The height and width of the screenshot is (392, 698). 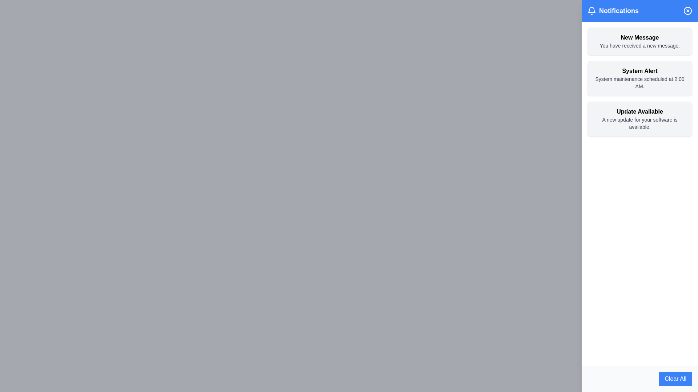 What do you see at coordinates (640, 123) in the screenshot?
I see `the non-interactive textual notification that informs the user about the availability of a software update, located in the notification card labeled 'Update Available.'` at bounding box center [640, 123].